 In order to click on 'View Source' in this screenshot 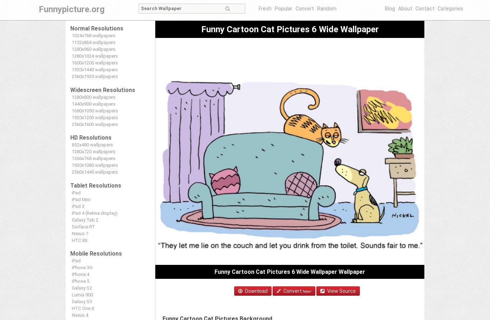, I will do `click(341, 290)`.